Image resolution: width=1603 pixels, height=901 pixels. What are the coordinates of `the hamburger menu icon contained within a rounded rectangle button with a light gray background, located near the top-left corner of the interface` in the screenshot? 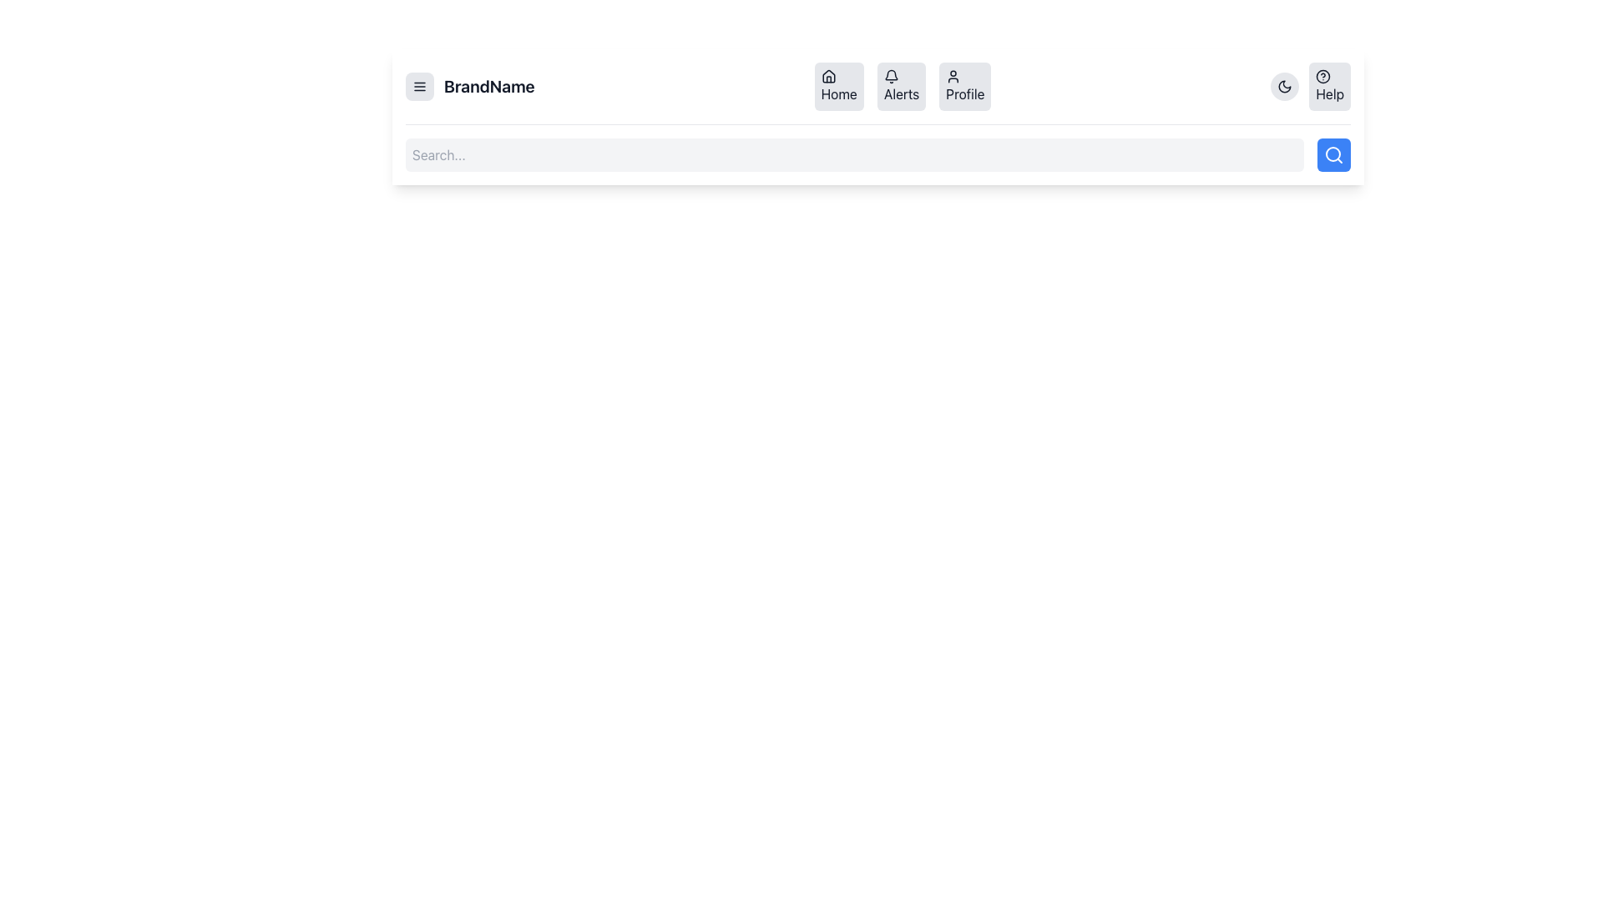 It's located at (420, 87).